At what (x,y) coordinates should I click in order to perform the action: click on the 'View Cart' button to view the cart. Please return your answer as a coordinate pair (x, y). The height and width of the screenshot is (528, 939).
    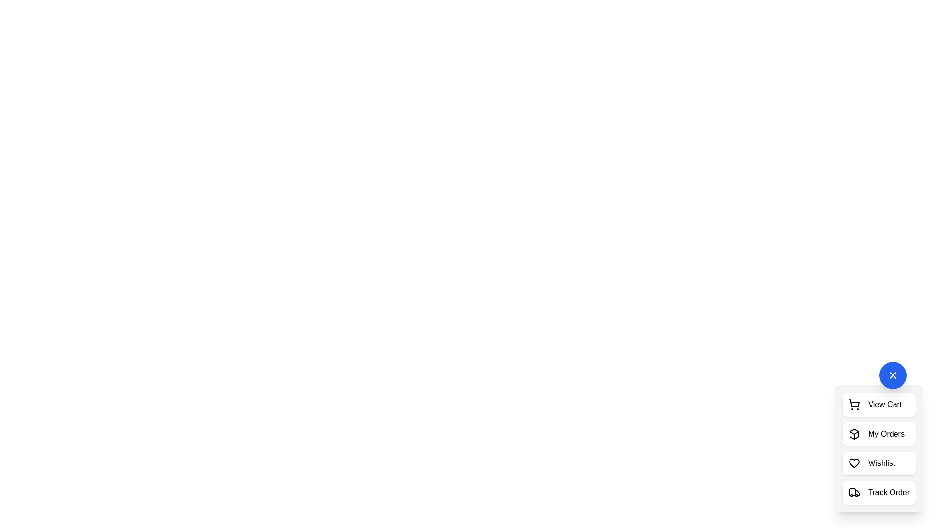
    Looking at the image, I should click on (879, 405).